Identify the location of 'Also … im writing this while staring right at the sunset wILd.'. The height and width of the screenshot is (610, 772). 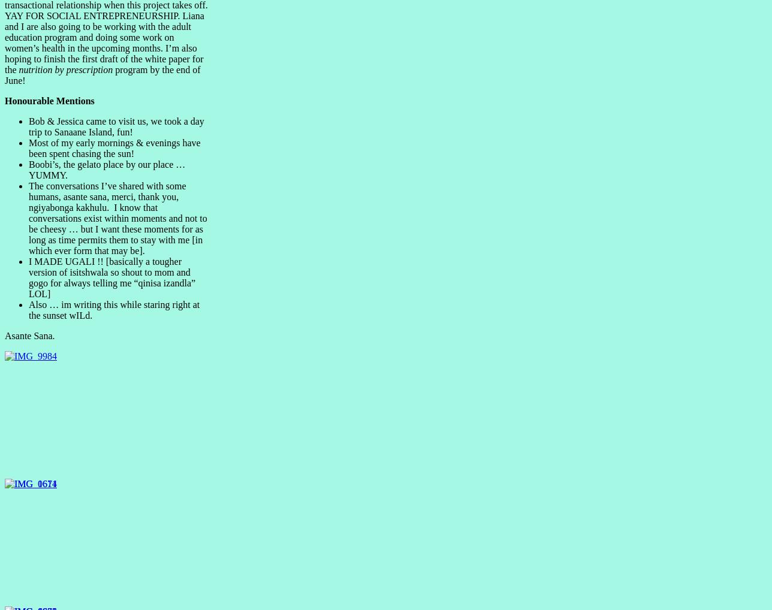
(114, 309).